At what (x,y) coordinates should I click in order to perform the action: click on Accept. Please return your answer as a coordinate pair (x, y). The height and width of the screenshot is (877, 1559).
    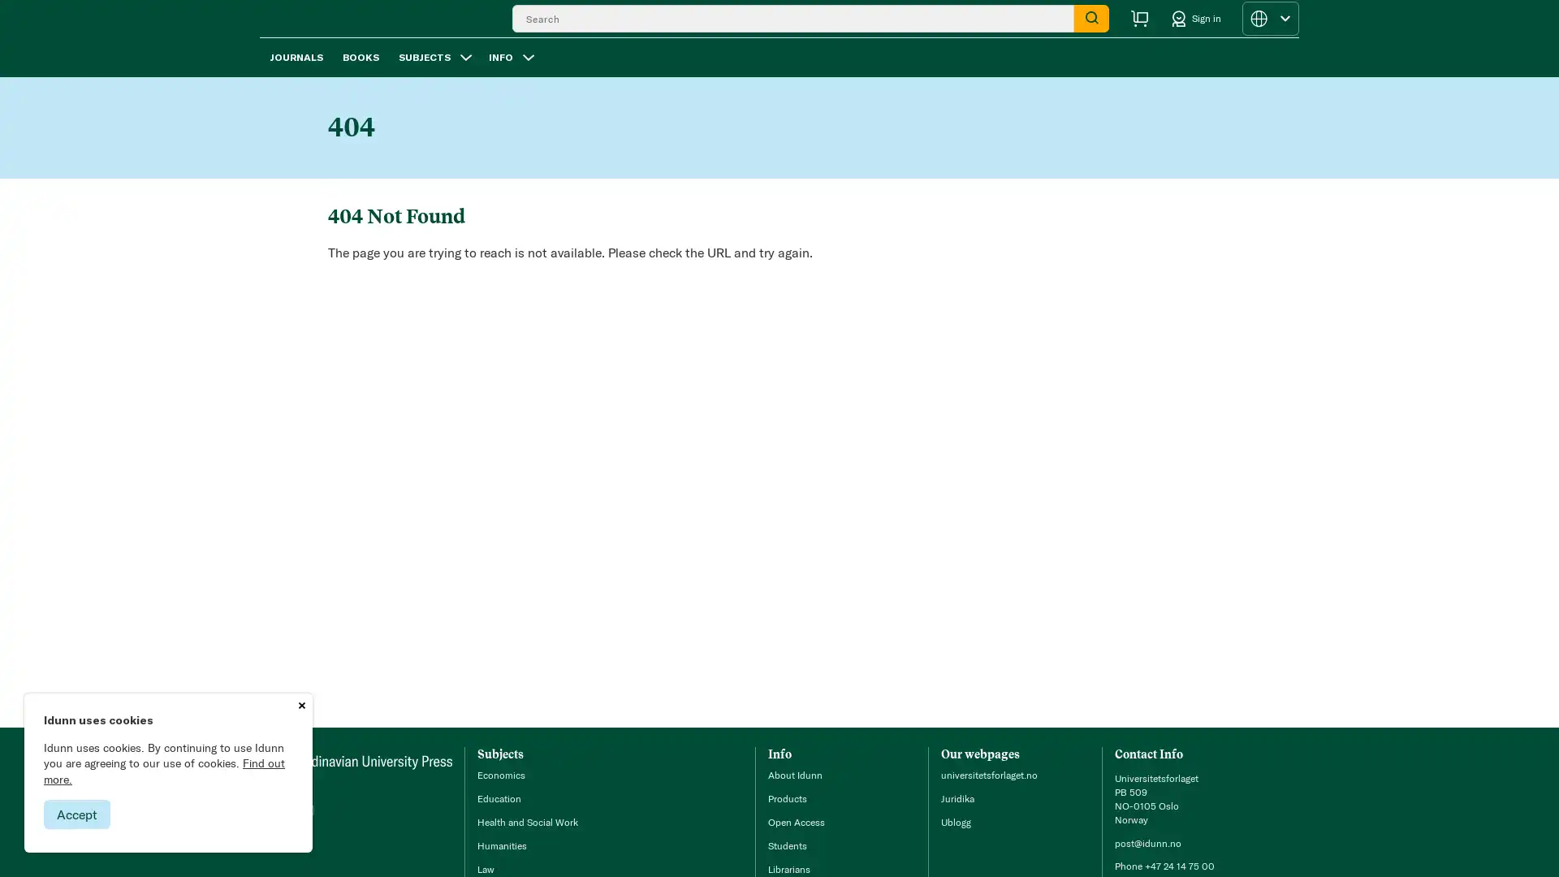
    Looking at the image, I should click on (76, 814).